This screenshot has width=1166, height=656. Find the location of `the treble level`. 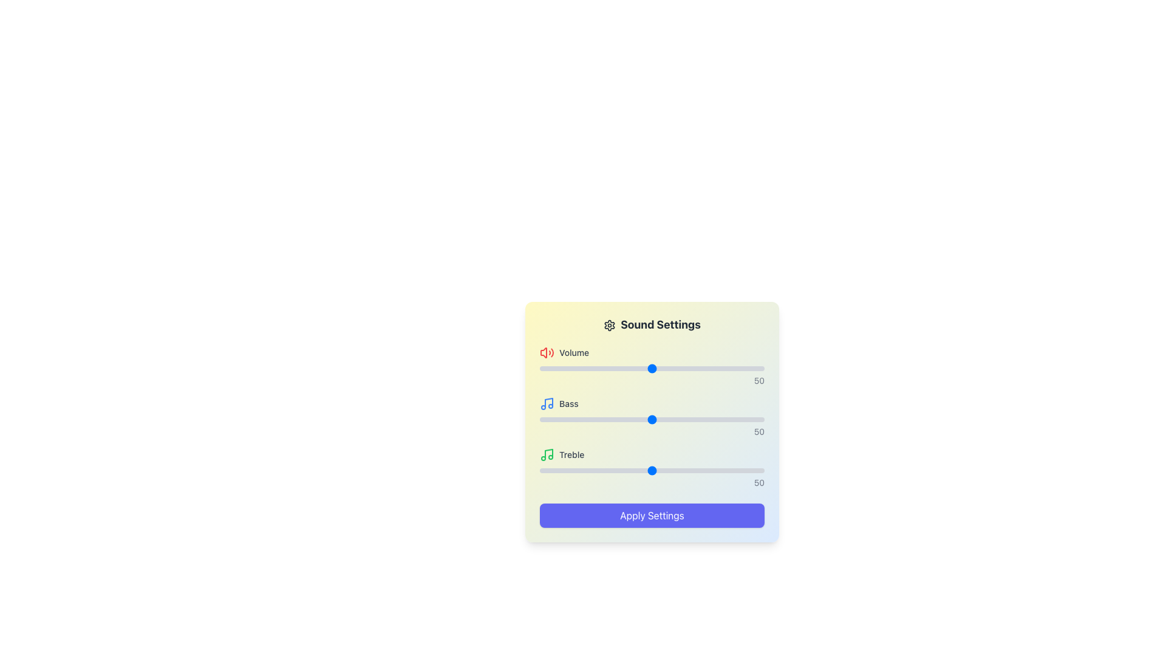

the treble level is located at coordinates (665, 470).